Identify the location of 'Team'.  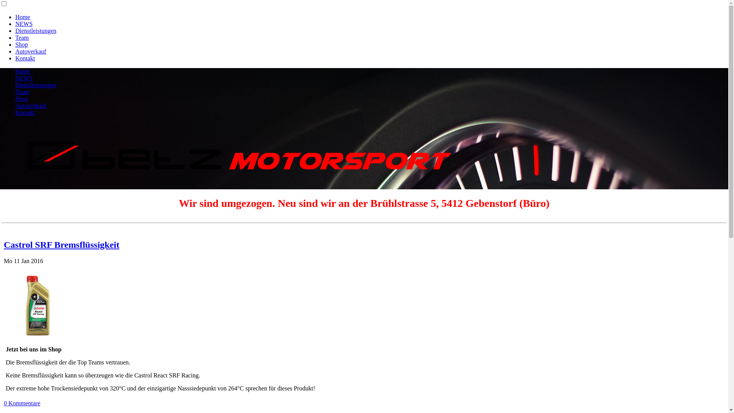
(22, 37).